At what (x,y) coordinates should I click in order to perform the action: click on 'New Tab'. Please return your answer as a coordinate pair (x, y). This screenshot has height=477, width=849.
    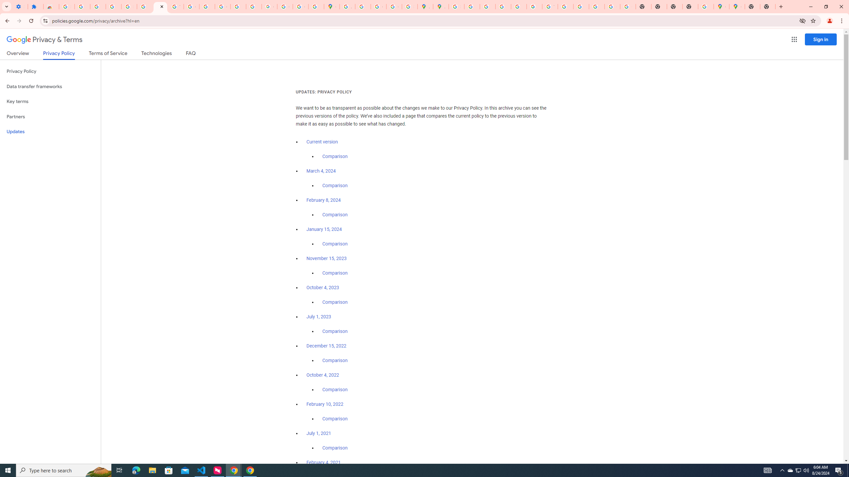
    Looking at the image, I should click on (768, 6).